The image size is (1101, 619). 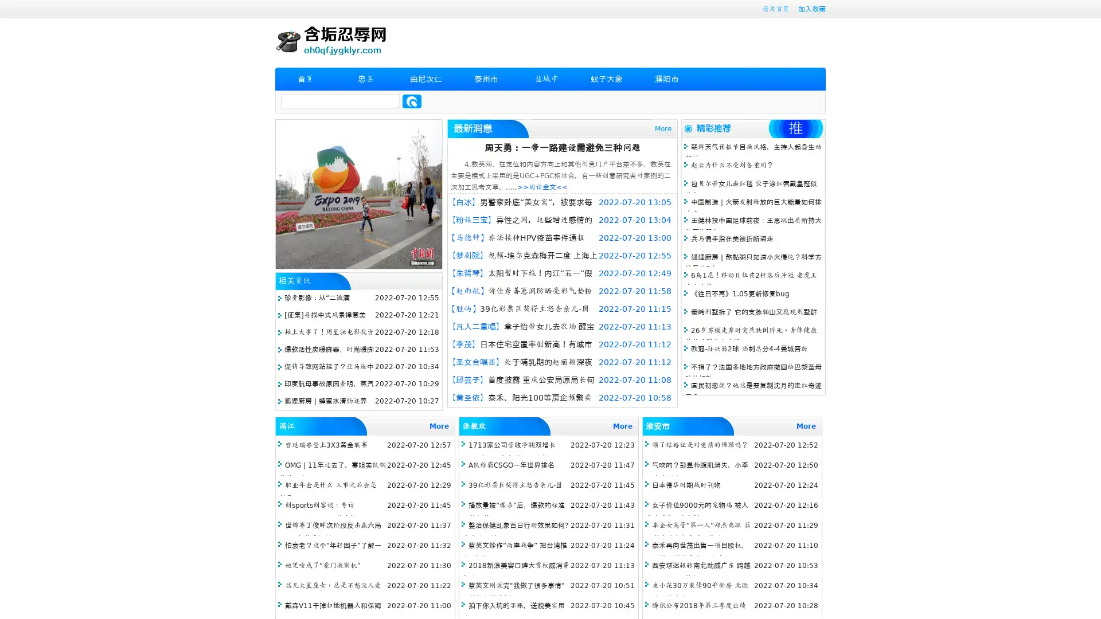 I want to click on Search, so click(x=412, y=101).